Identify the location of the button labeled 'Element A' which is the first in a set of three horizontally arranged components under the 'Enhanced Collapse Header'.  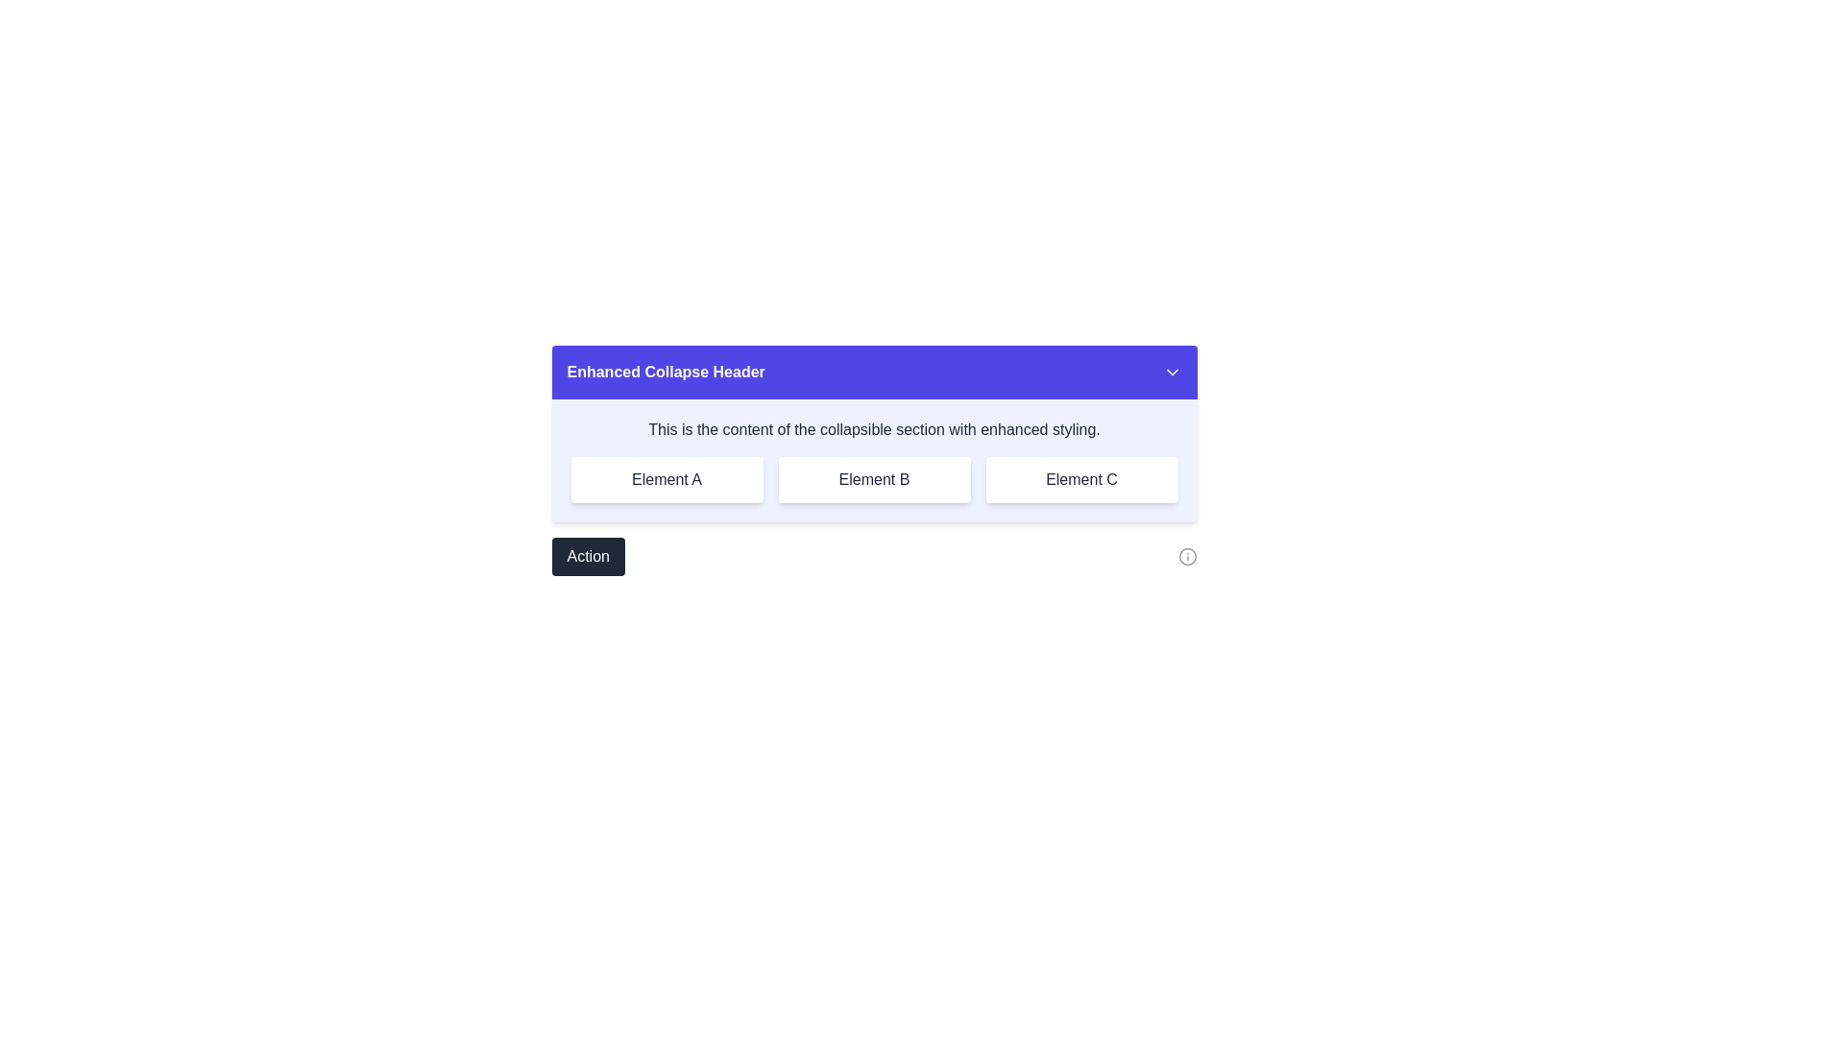
(667, 479).